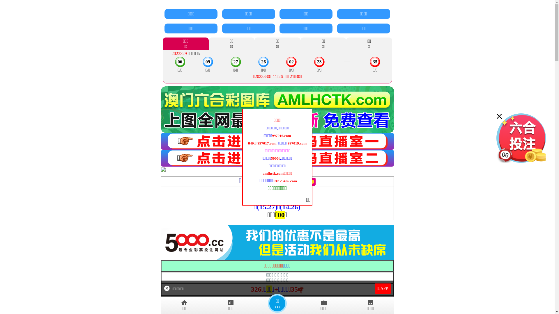 This screenshot has width=559, height=314. I want to click on '997017.com ', so click(268, 143).